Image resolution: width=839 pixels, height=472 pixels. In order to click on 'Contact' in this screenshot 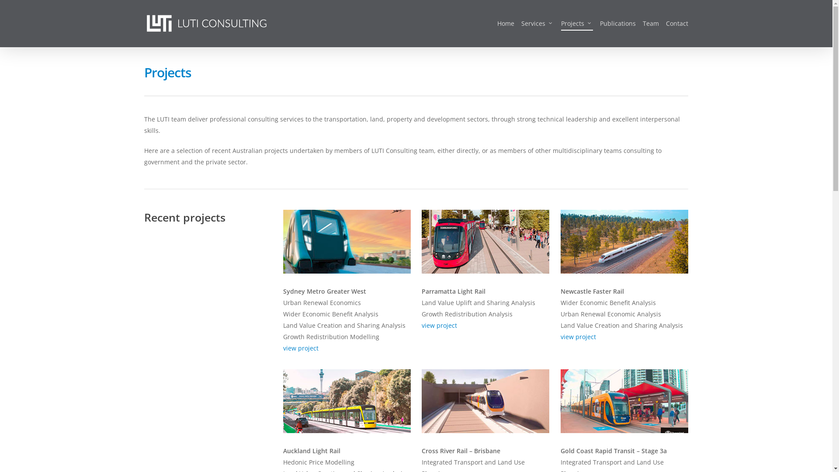, I will do `click(665, 23)`.